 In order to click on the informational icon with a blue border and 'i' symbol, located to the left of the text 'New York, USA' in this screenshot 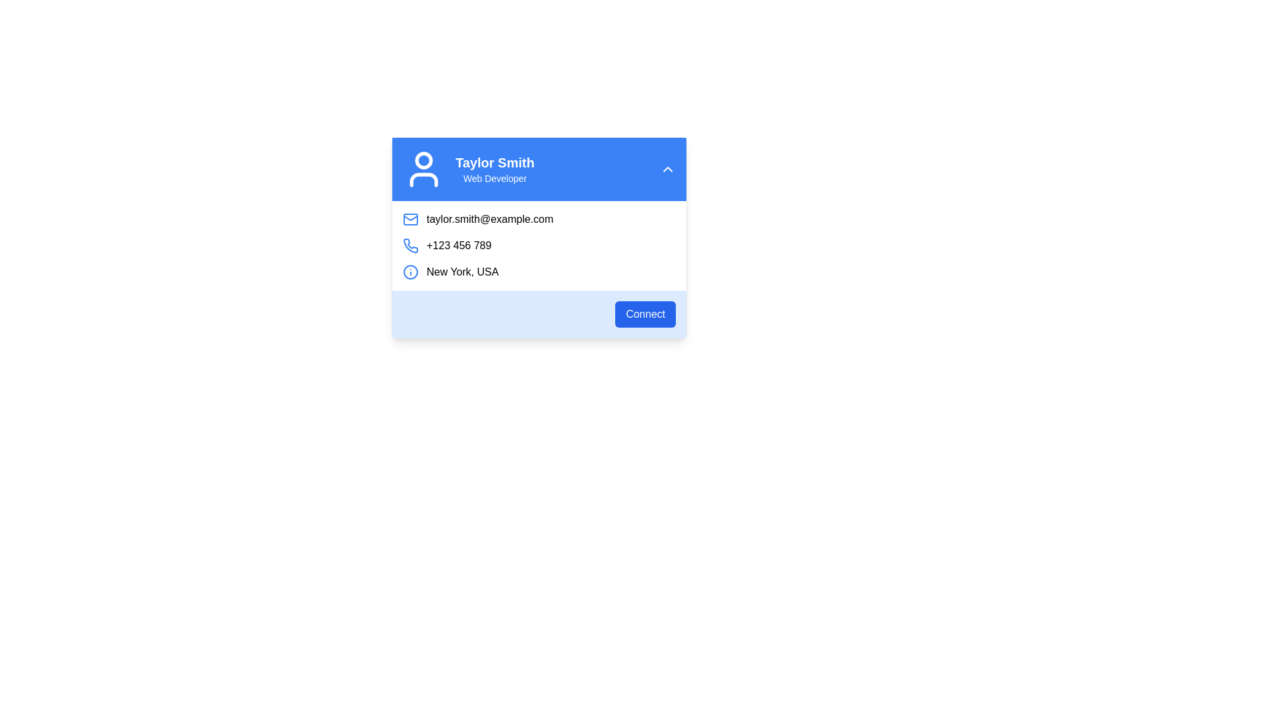, I will do `click(410, 271)`.